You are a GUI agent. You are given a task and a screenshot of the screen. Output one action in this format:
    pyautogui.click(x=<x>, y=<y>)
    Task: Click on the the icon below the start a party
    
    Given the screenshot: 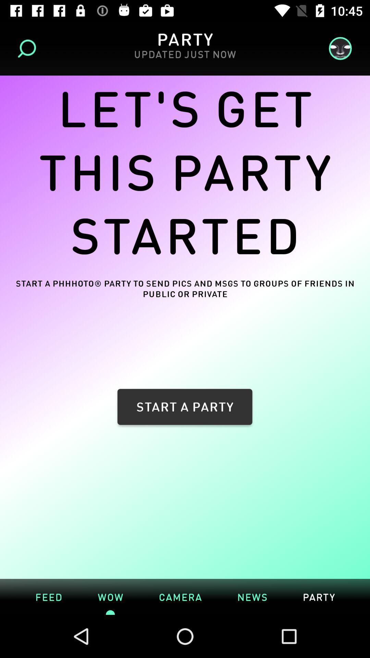 What is the action you would take?
    pyautogui.click(x=185, y=575)
    